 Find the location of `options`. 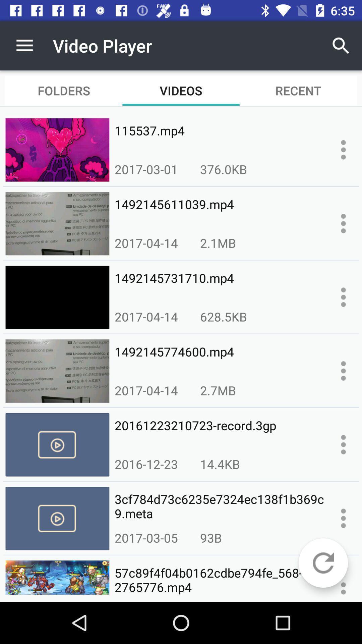

options is located at coordinates (343, 370).